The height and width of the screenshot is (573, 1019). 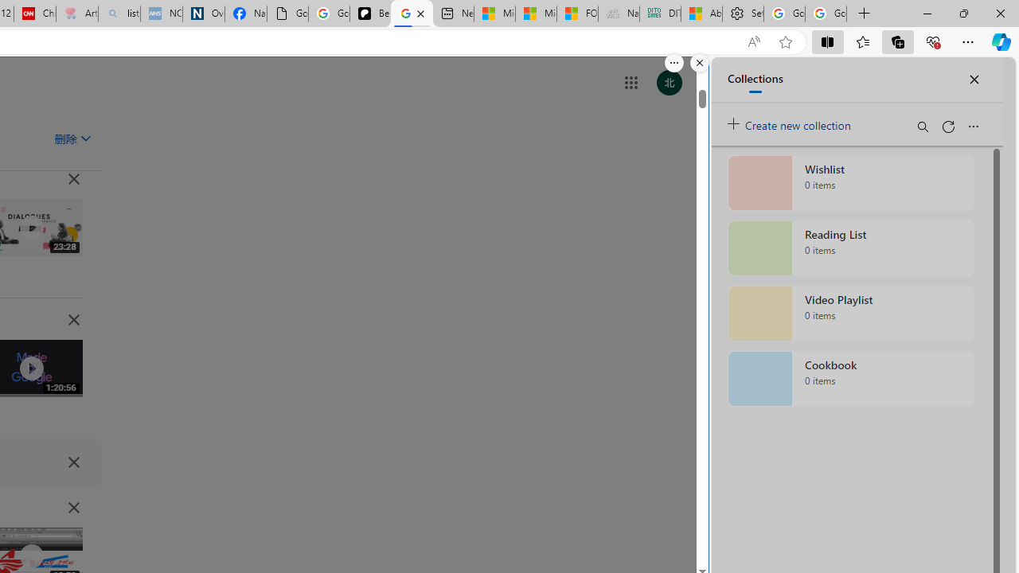 What do you see at coordinates (369, 14) in the screenshot?
I see `'Be Smart | creating Science videos | Patreon'` at bounding box center [369, 14].